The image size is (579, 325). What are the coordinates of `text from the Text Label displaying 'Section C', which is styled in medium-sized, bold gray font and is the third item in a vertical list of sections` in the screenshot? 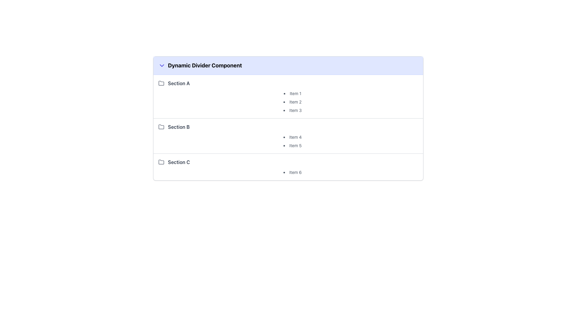 It's located at (179, 162).